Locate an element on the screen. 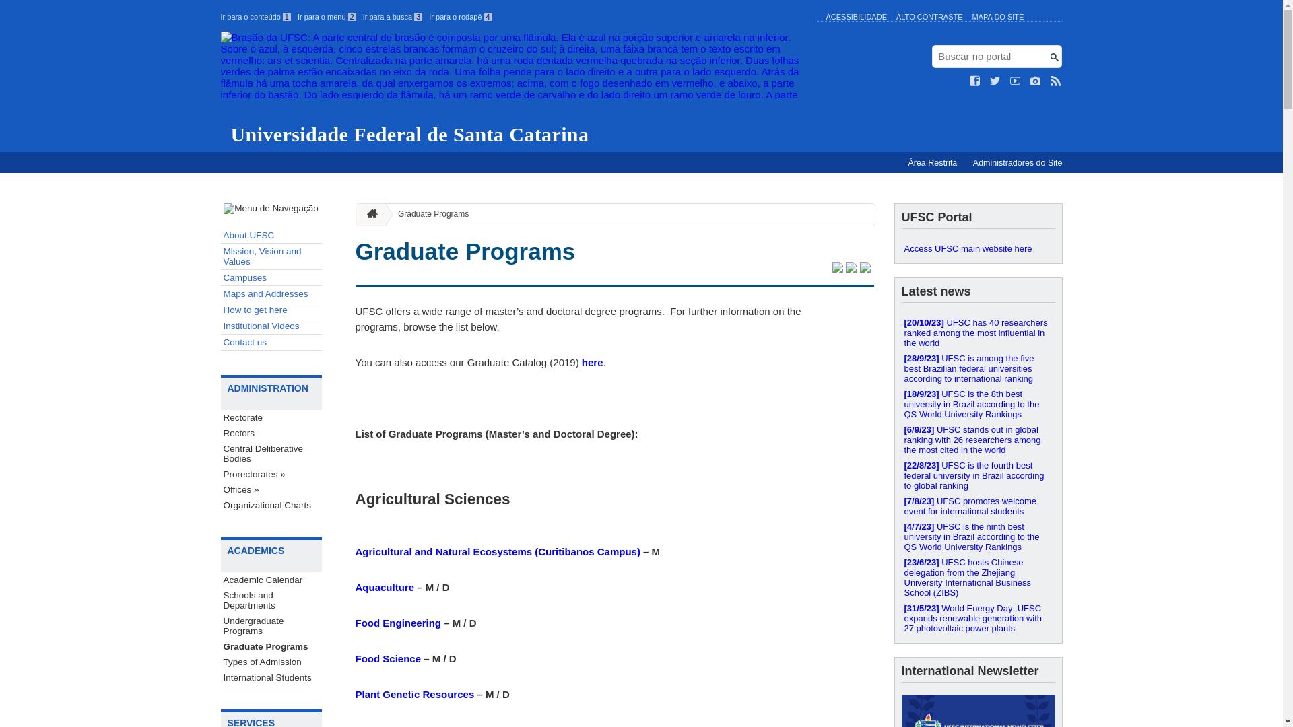 The height and width of the screenshot is (727, 1293). 'Graduate Programs' is located at coordinates (427, 213).